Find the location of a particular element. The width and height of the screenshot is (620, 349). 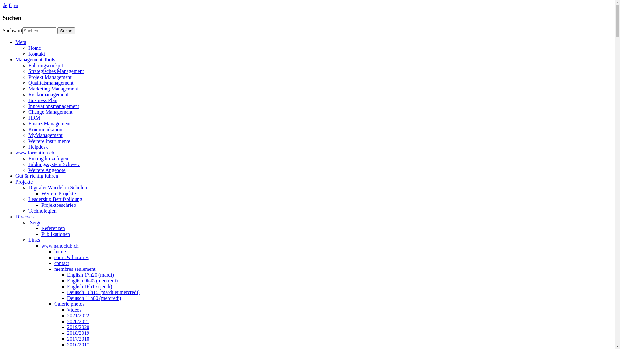

'English 16h15 (jeudi)' is located at coordinates (67, 286).